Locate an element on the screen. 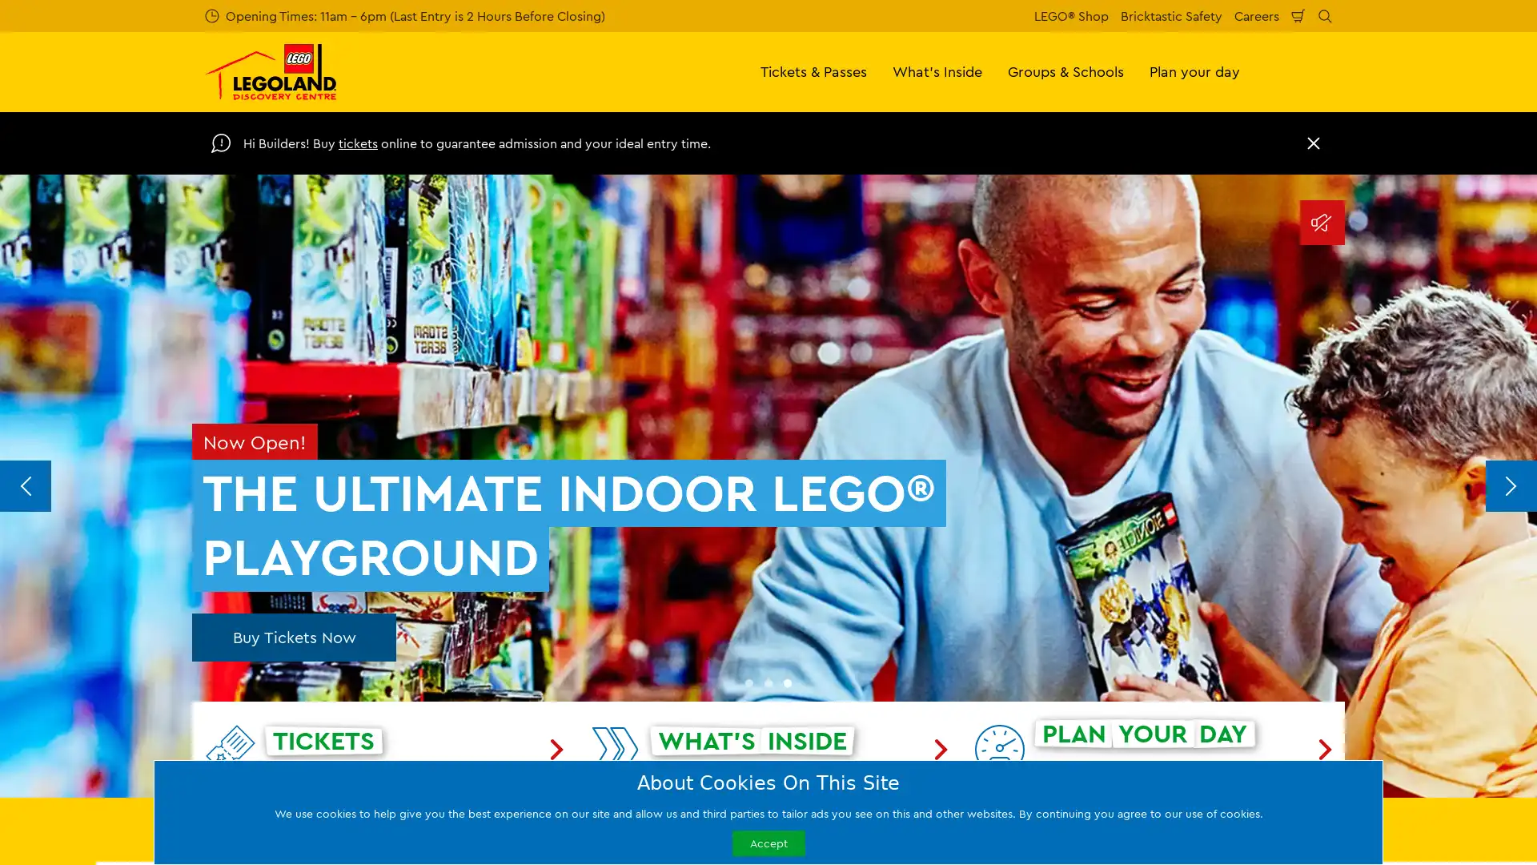  Go to slide 1 is located at coordinates (748, 682).